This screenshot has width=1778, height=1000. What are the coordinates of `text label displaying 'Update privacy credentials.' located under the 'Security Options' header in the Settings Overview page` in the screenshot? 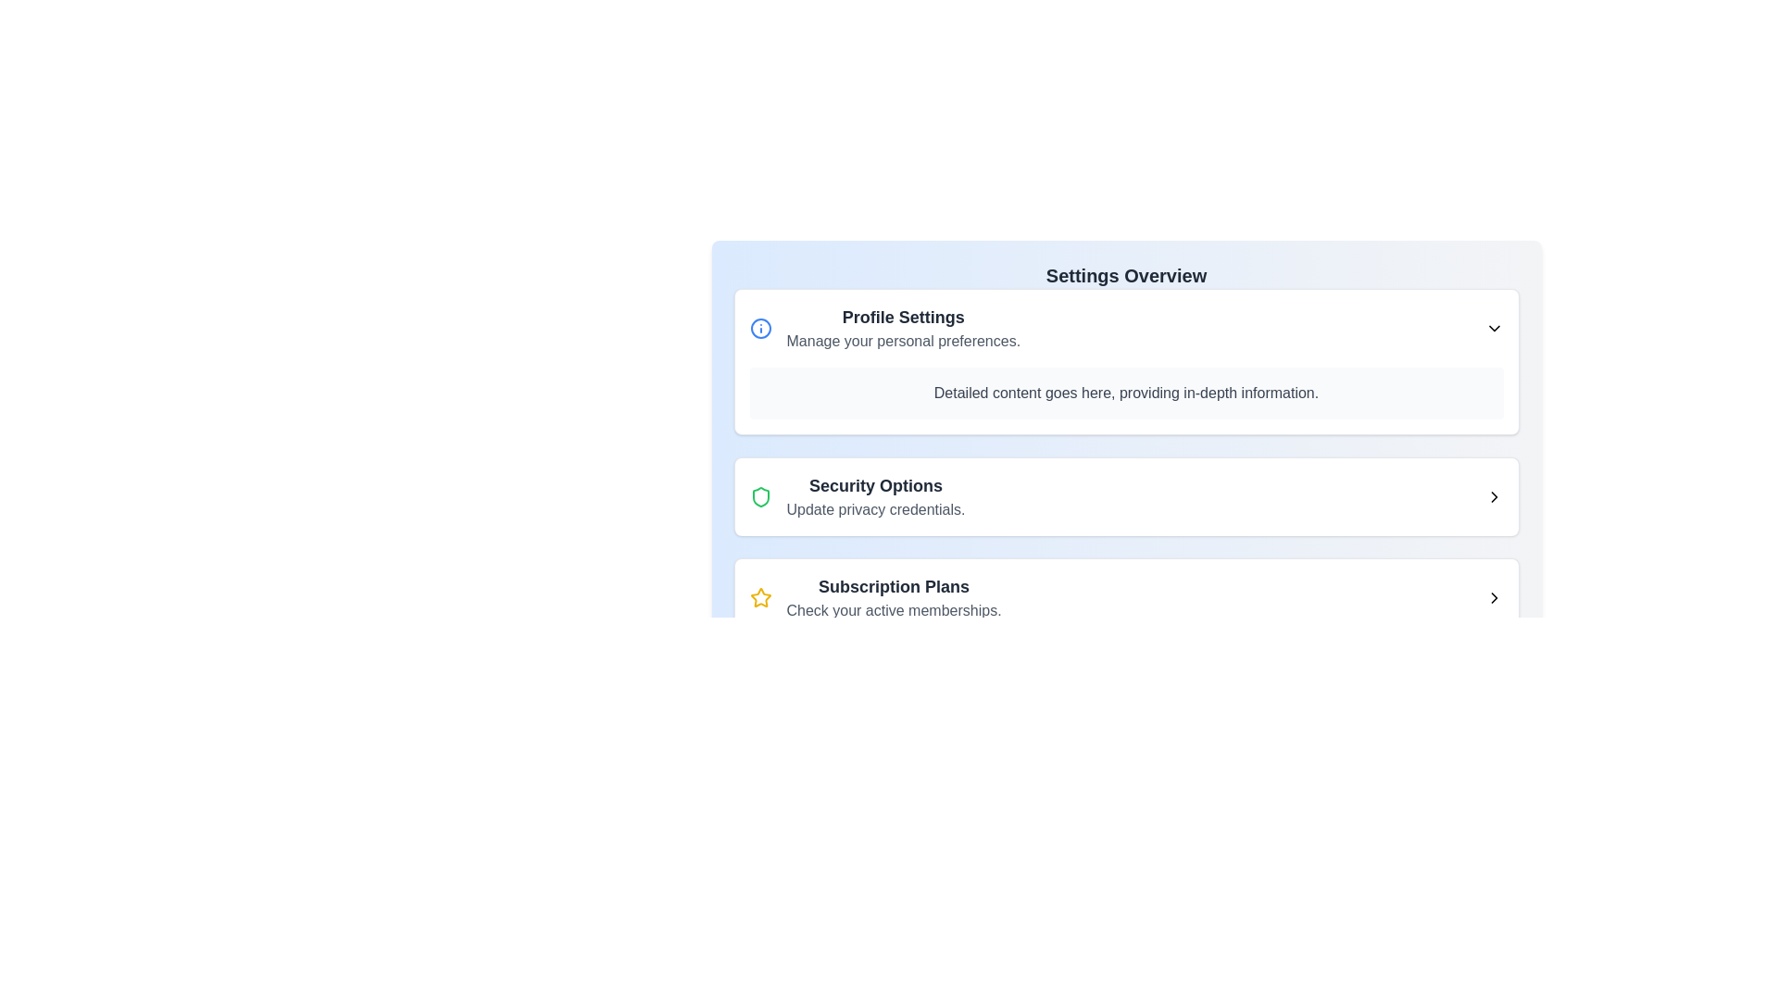 It's located at (874, 510).